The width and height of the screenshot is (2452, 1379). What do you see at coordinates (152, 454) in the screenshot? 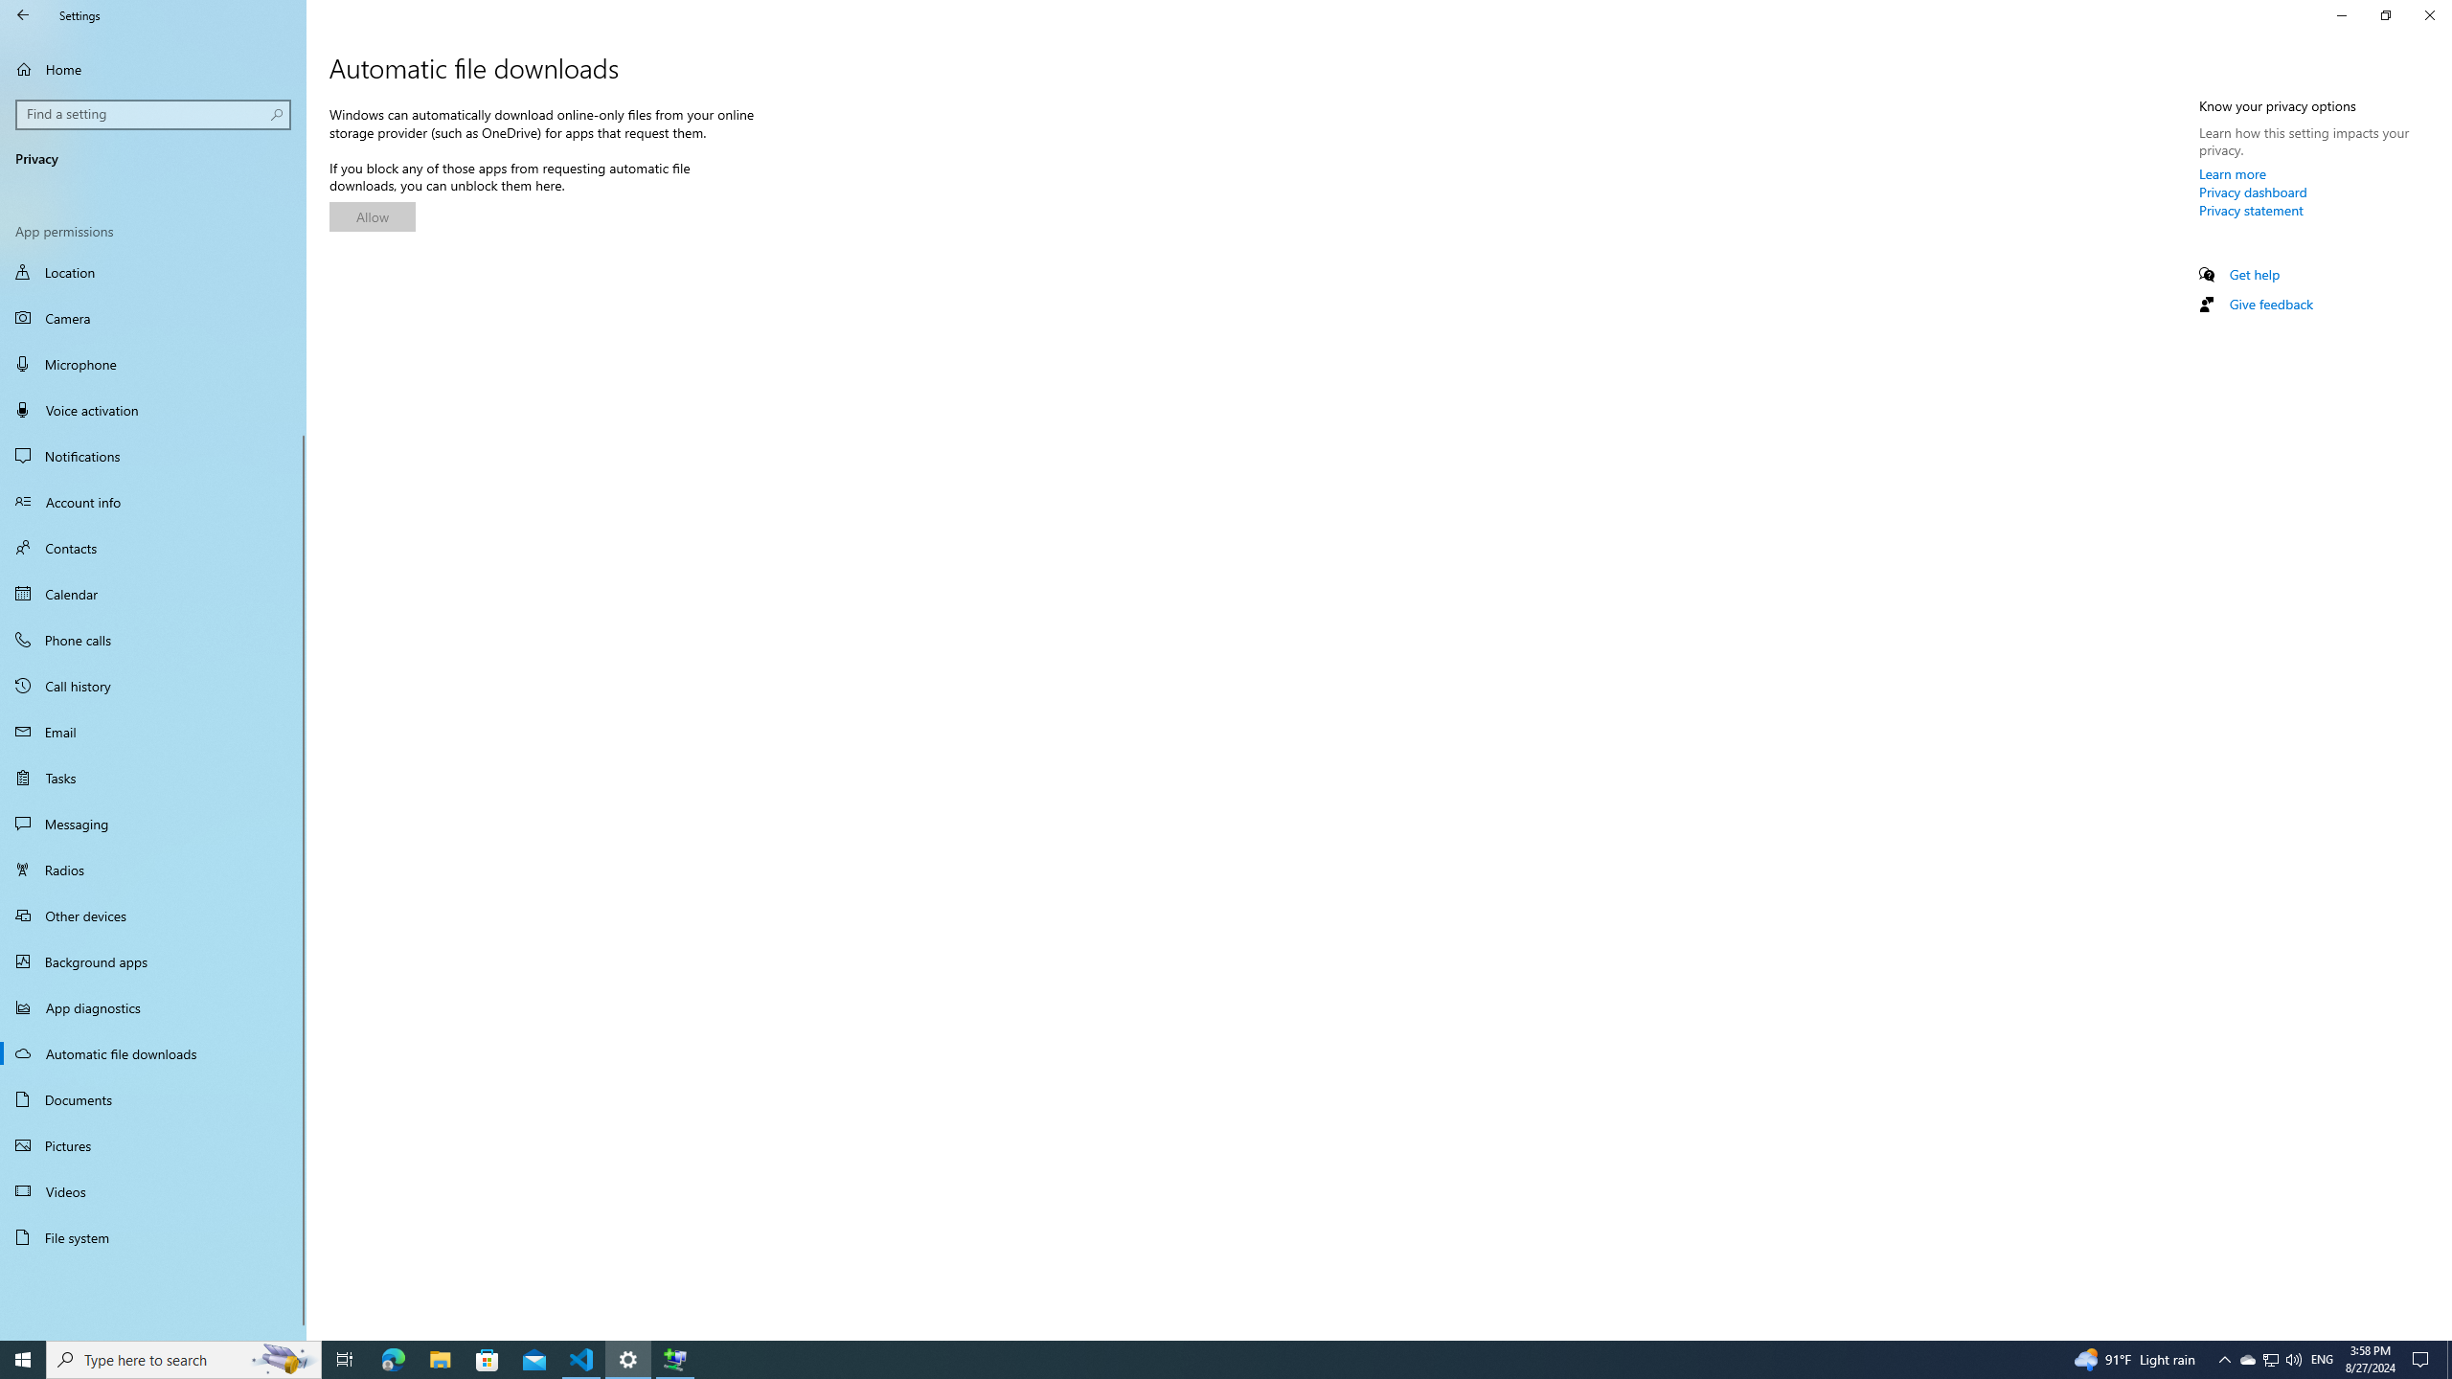
I see `'Notifications'` at bounding box center [152, 454].